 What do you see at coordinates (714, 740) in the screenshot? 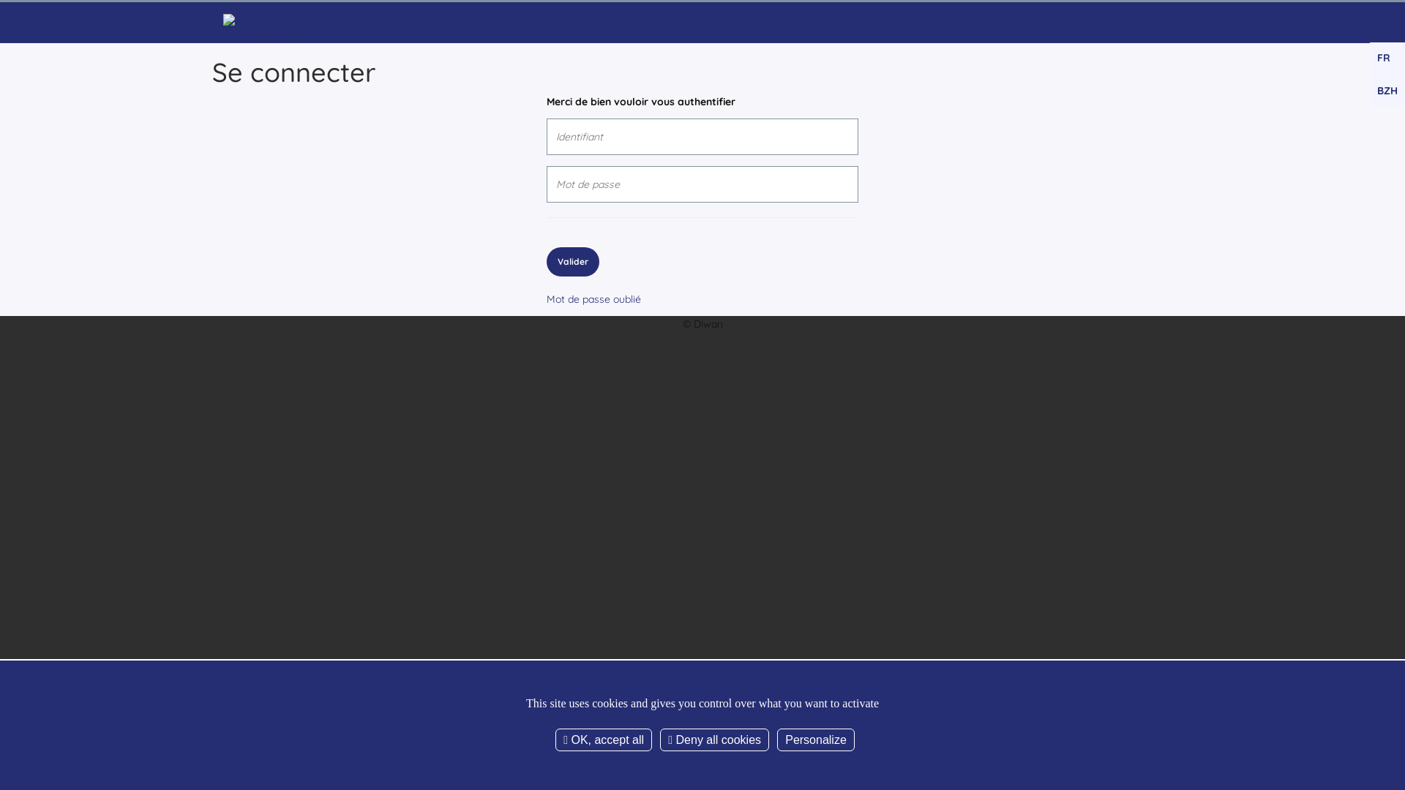
I see `'Deny all cookies'` at bounding box center [714, 740].